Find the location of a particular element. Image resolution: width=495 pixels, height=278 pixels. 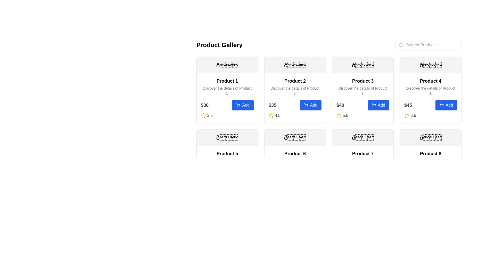

gray-text description that reads: 'Discover the details of Product 2.' located below the product title 'Product 2' in the second card of the product grid is located at coordinates (295, 91).